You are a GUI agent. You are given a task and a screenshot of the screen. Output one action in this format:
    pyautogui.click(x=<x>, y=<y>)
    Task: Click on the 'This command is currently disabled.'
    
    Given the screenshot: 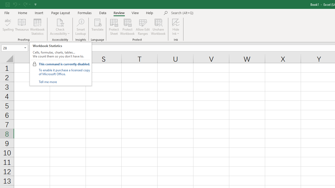 What is the action you would take?
    pyautogui.click(x=64, y=64)
    